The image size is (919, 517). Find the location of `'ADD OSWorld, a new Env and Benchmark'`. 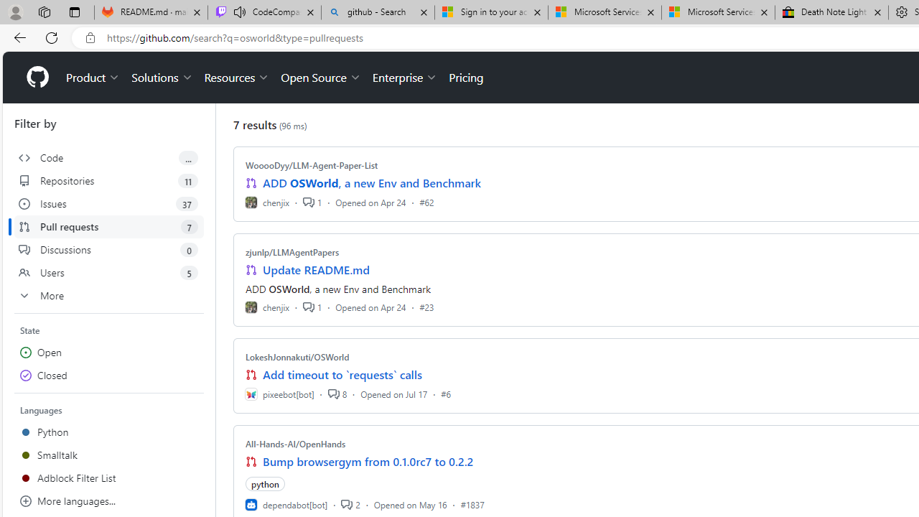

'ADD OSWorld, a new Env and Benchmark' is located at coordinates (371, 182).